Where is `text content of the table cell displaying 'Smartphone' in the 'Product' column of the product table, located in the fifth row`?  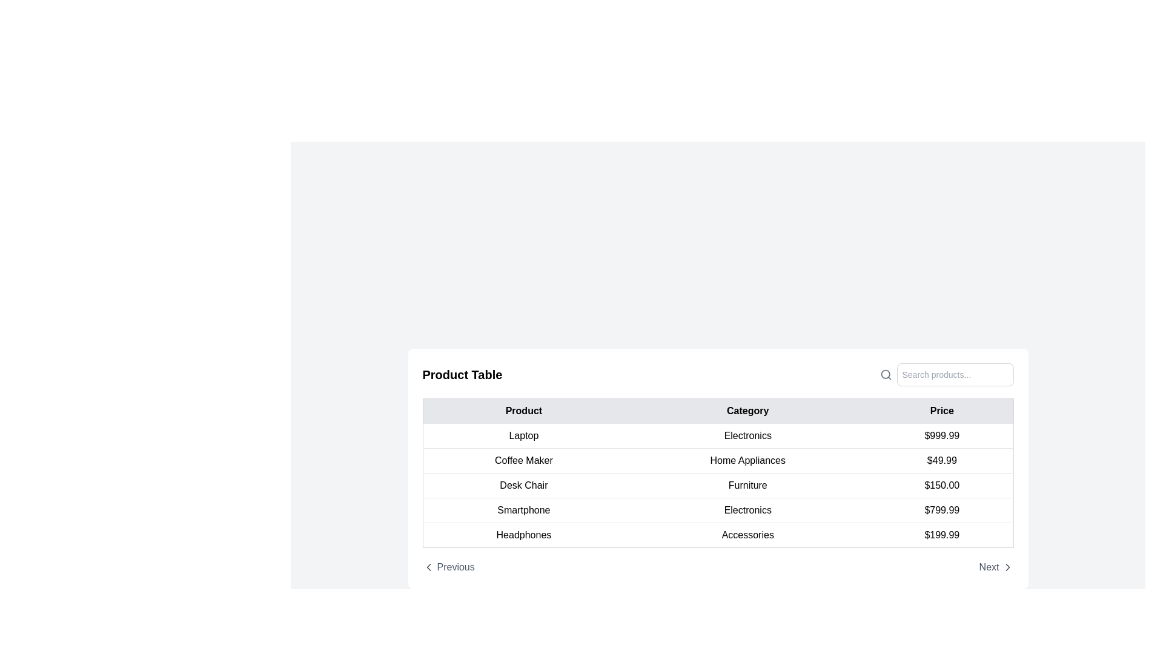 text content of the table cell displaying 'Smartphone' in the 'Product' column of the product table, located in the fifth row is located at coordinates (523, 510).